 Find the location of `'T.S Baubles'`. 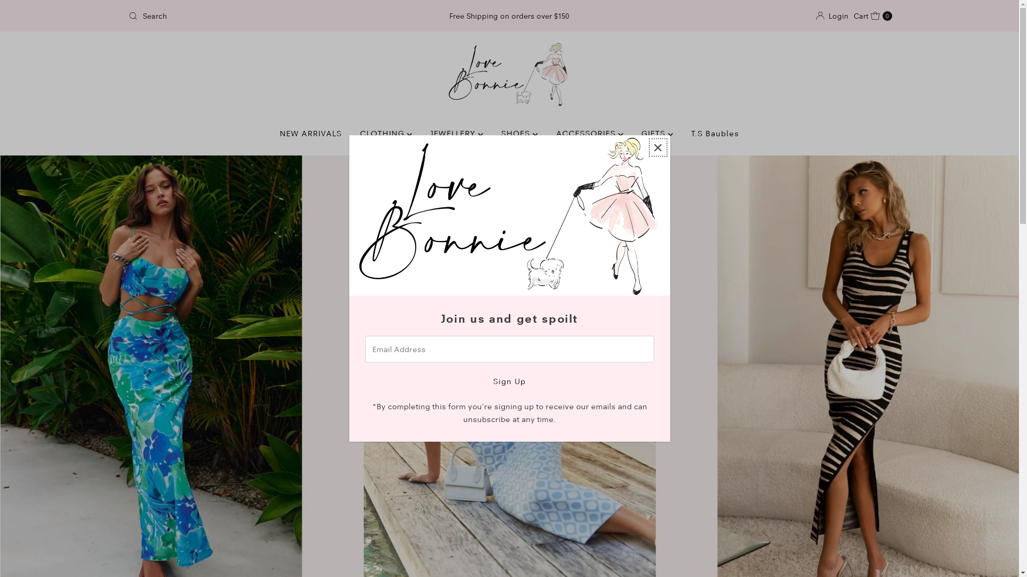

'T.S Baubles' is located at coordinates (715, 133).